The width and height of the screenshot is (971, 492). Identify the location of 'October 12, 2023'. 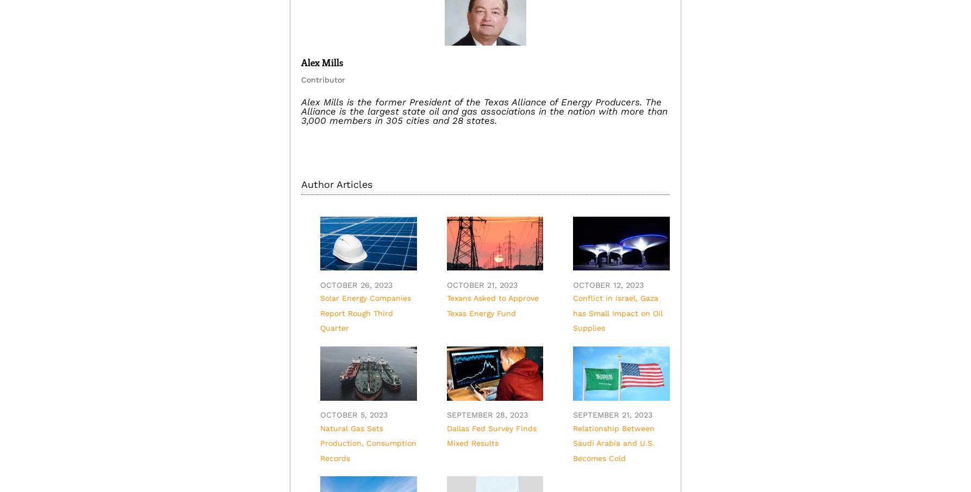
(572, 285).